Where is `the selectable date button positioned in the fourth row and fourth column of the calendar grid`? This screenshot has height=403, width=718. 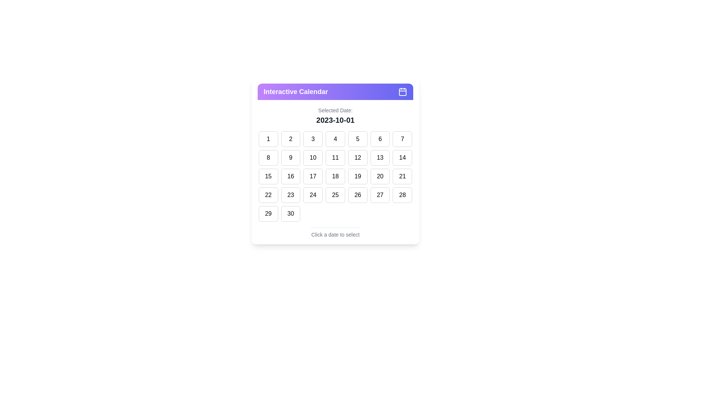
the selectable date button positioned in the fourth row and fourth column of the calendar grid is located at coordinates (335, 195).